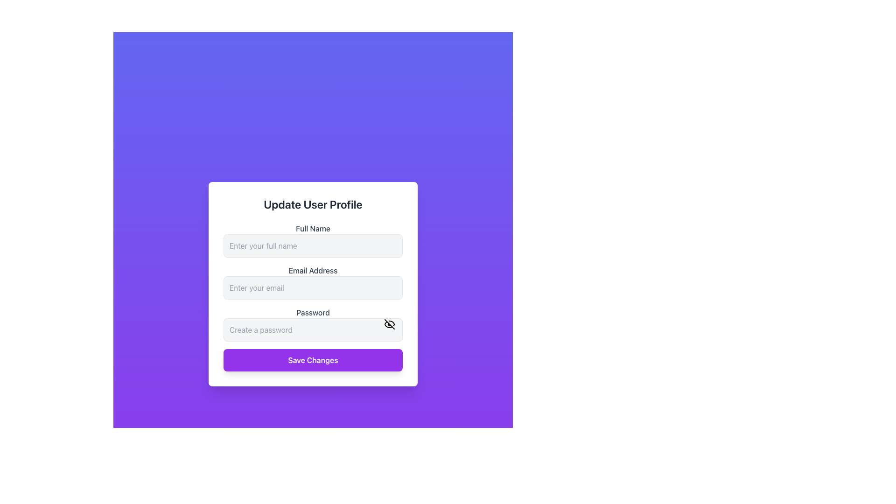 This screenshot has height=504, width=896. What do you see at coordinates (390, 323) in the screenshot?
I see `the visibility toggle icon represented by a diagonal line segment graphic, located to the right of the 'Password' input field` at bounding box center [390, 323].